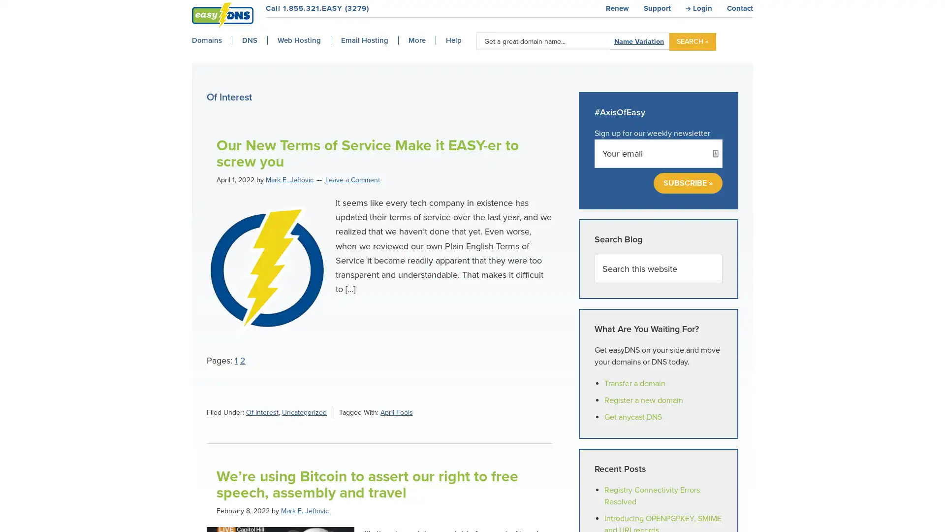 Image resolution: width=945 pixels, height=532 pixels. I want to click on SEARCH, so click(692, 41).